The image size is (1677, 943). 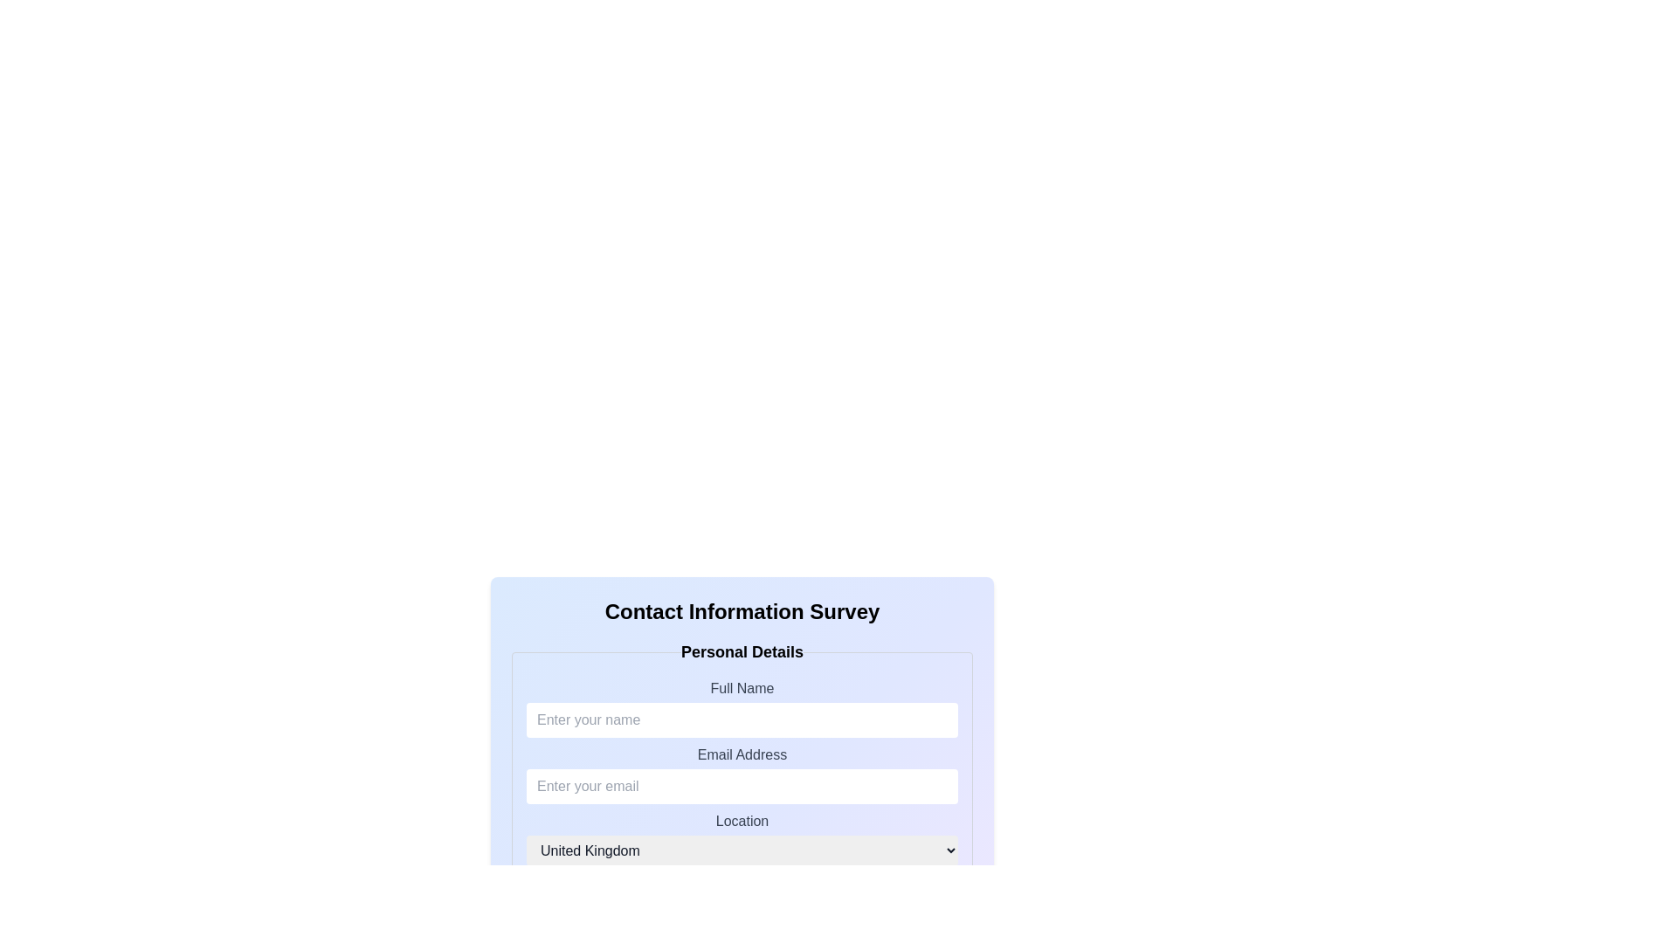 What do you see at coordinates (742, 687) in the screenshot?
I see `the label text that guides the user to enter their full name, which is positioned above the 'Enter your name' input field` at bounding box center [742, 687].